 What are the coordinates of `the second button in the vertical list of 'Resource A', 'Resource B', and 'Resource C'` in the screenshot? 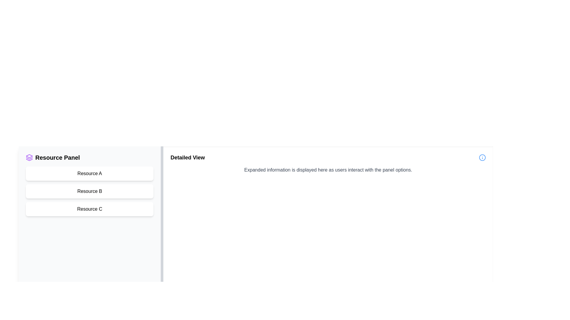 It's located at (89, 191).